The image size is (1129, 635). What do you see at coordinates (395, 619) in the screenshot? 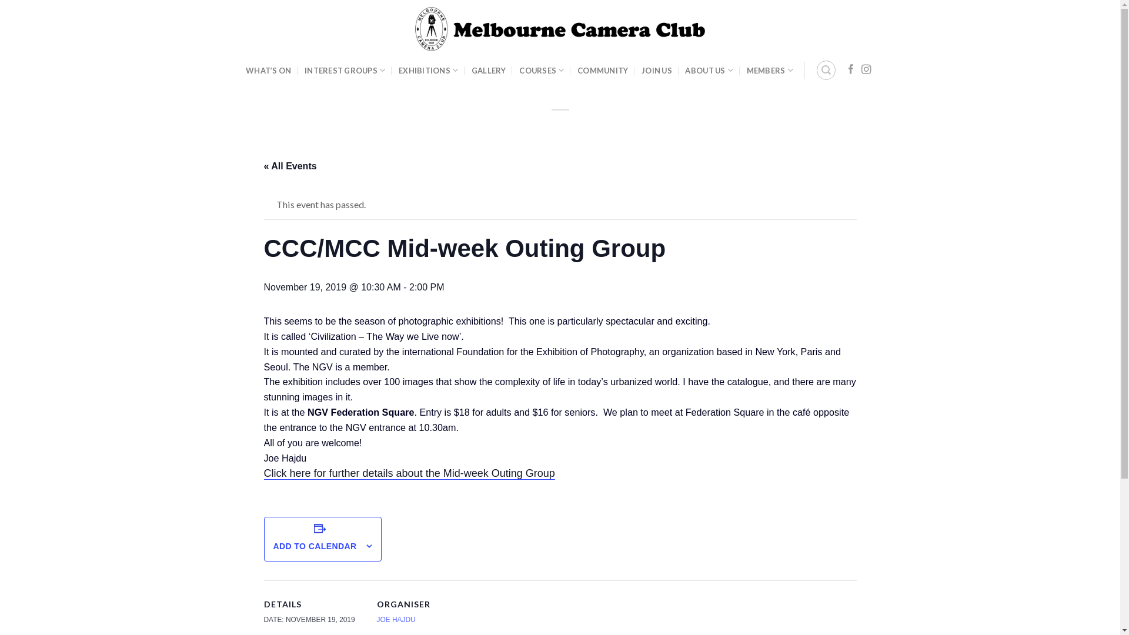
I see `'JOE HAJDU'` at bounding box center [395, 619].